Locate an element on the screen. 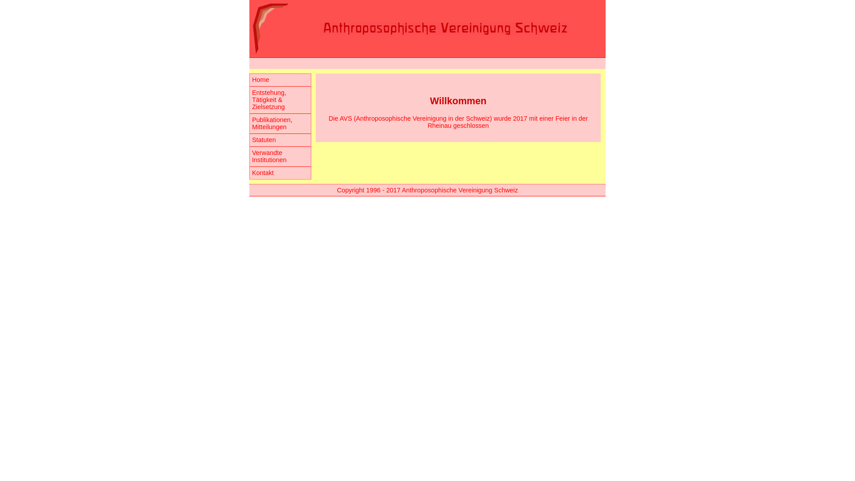 The image size is (855, 481). 'Statuten' is located at coordinates (280, 140).